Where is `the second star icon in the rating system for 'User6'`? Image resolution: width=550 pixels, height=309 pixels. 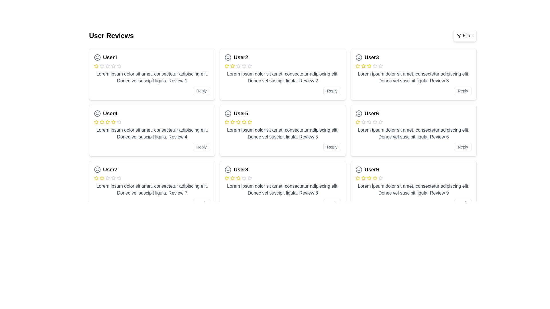 the second star icon in the rating system for 'User6' is located at coordinates (363, 122).